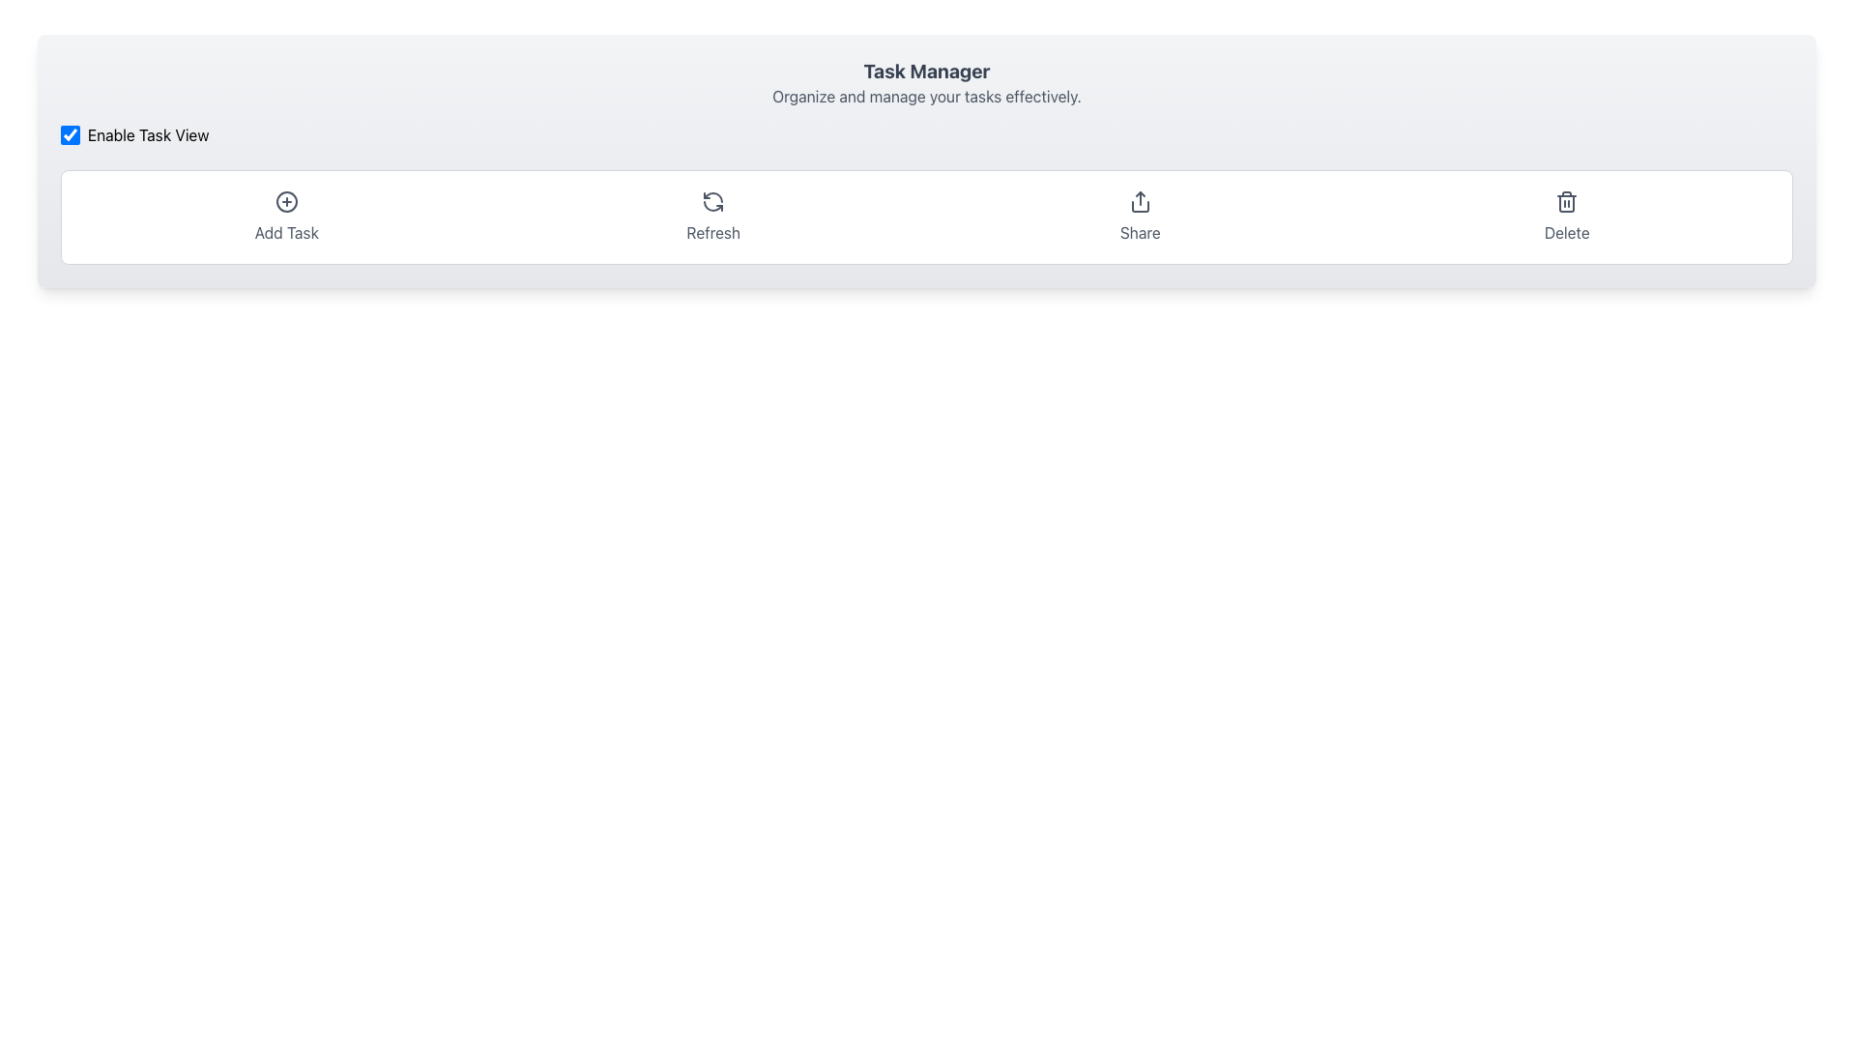 This screenshot has height=1044, width=1856. Describe the element at coordinates (926, 70) in the screenshot. I see `the 'Task Manager' text label, which is prominently displayed in bold and larger font size, located at the top center of the application interface` at that location.